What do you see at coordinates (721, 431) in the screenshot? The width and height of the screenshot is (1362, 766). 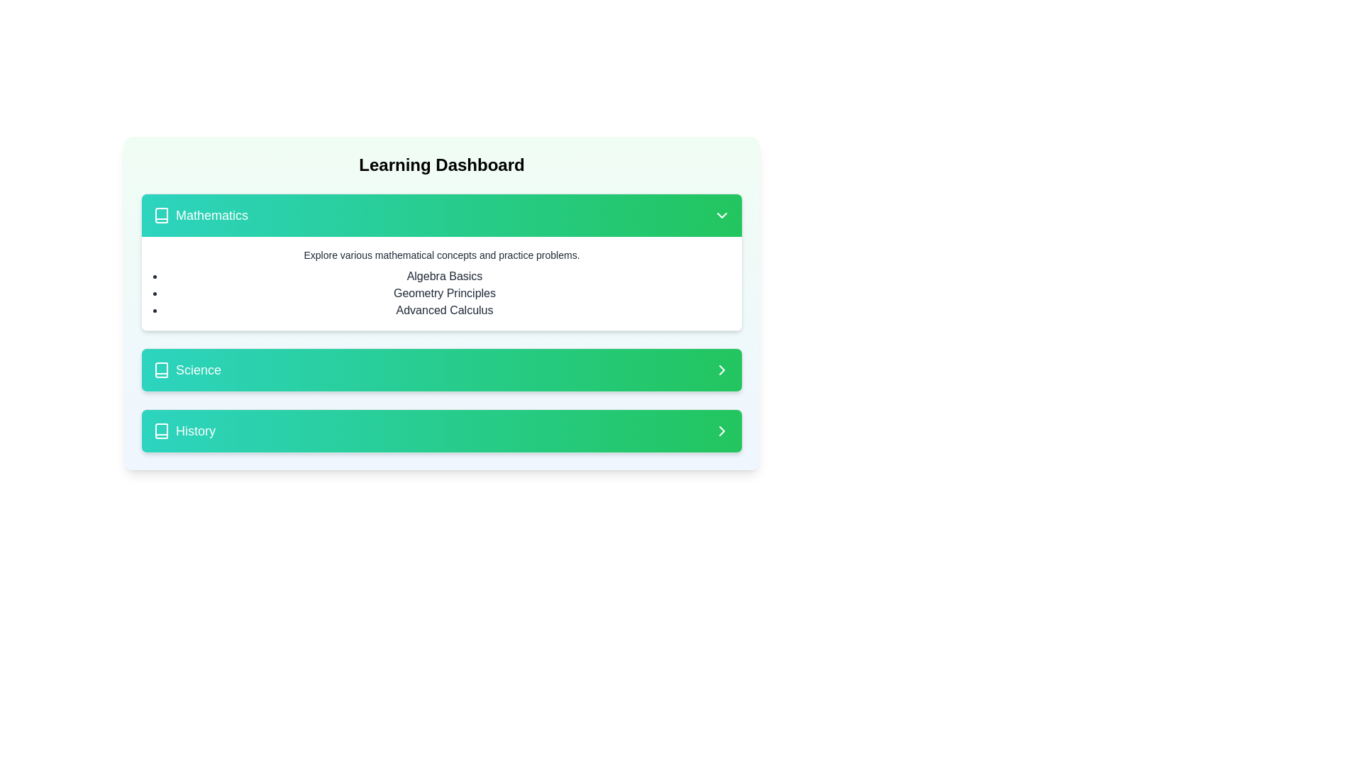 I see `the Chevron Right icon located at the right edge of the 'History' section, which indicates navigation or an expandable feature` at bounding box center [721, 431].